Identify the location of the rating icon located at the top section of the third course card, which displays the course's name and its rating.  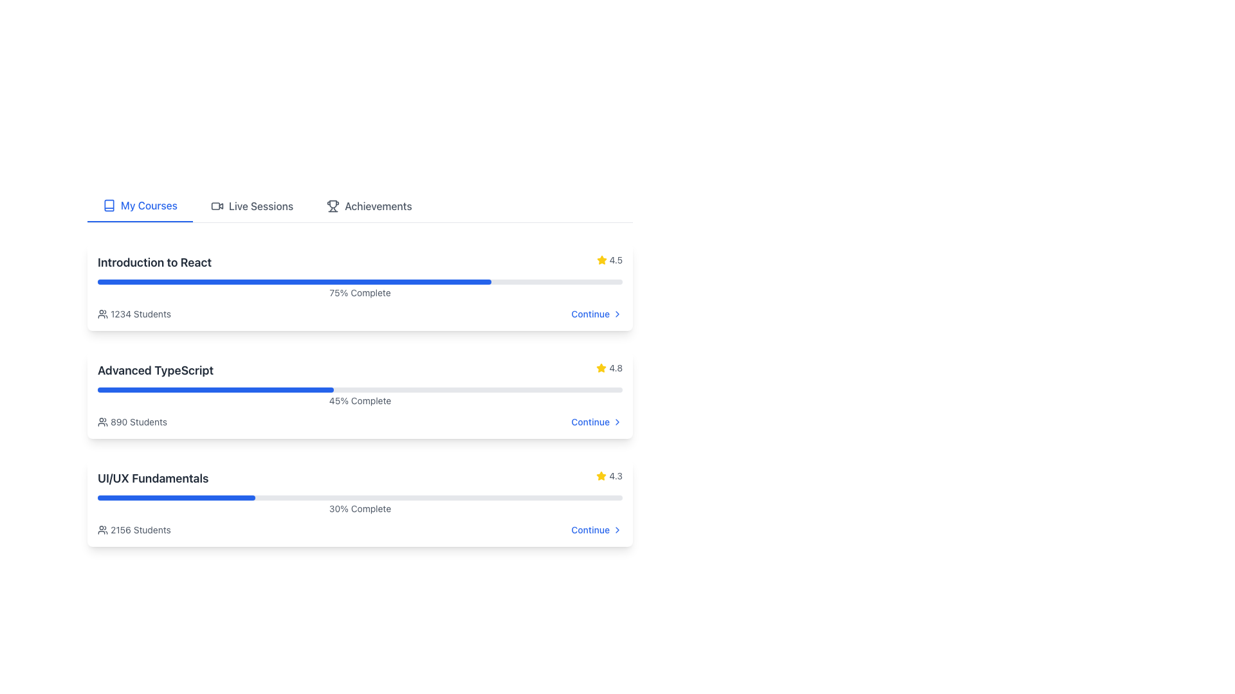
(360, 478).